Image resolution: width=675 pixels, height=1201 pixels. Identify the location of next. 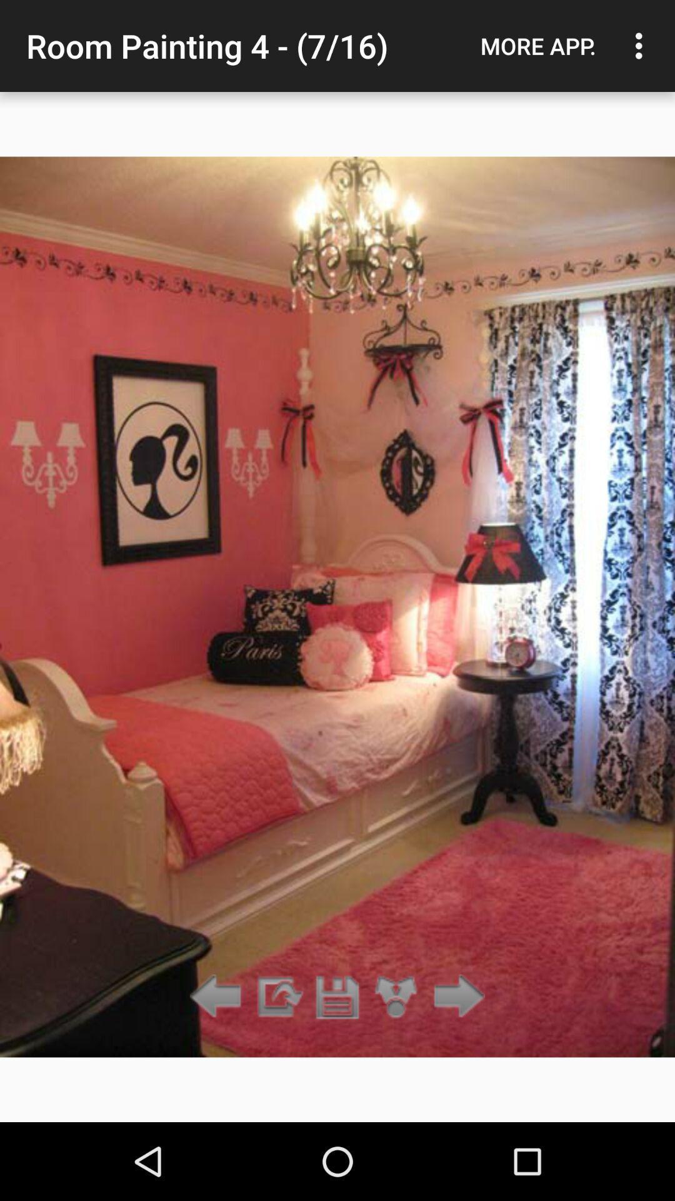
(219, 996).